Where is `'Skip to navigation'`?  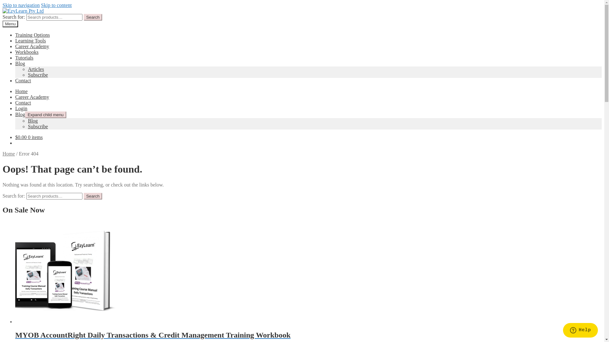 'Skip to navigation' is located at coordinates (21, 5).